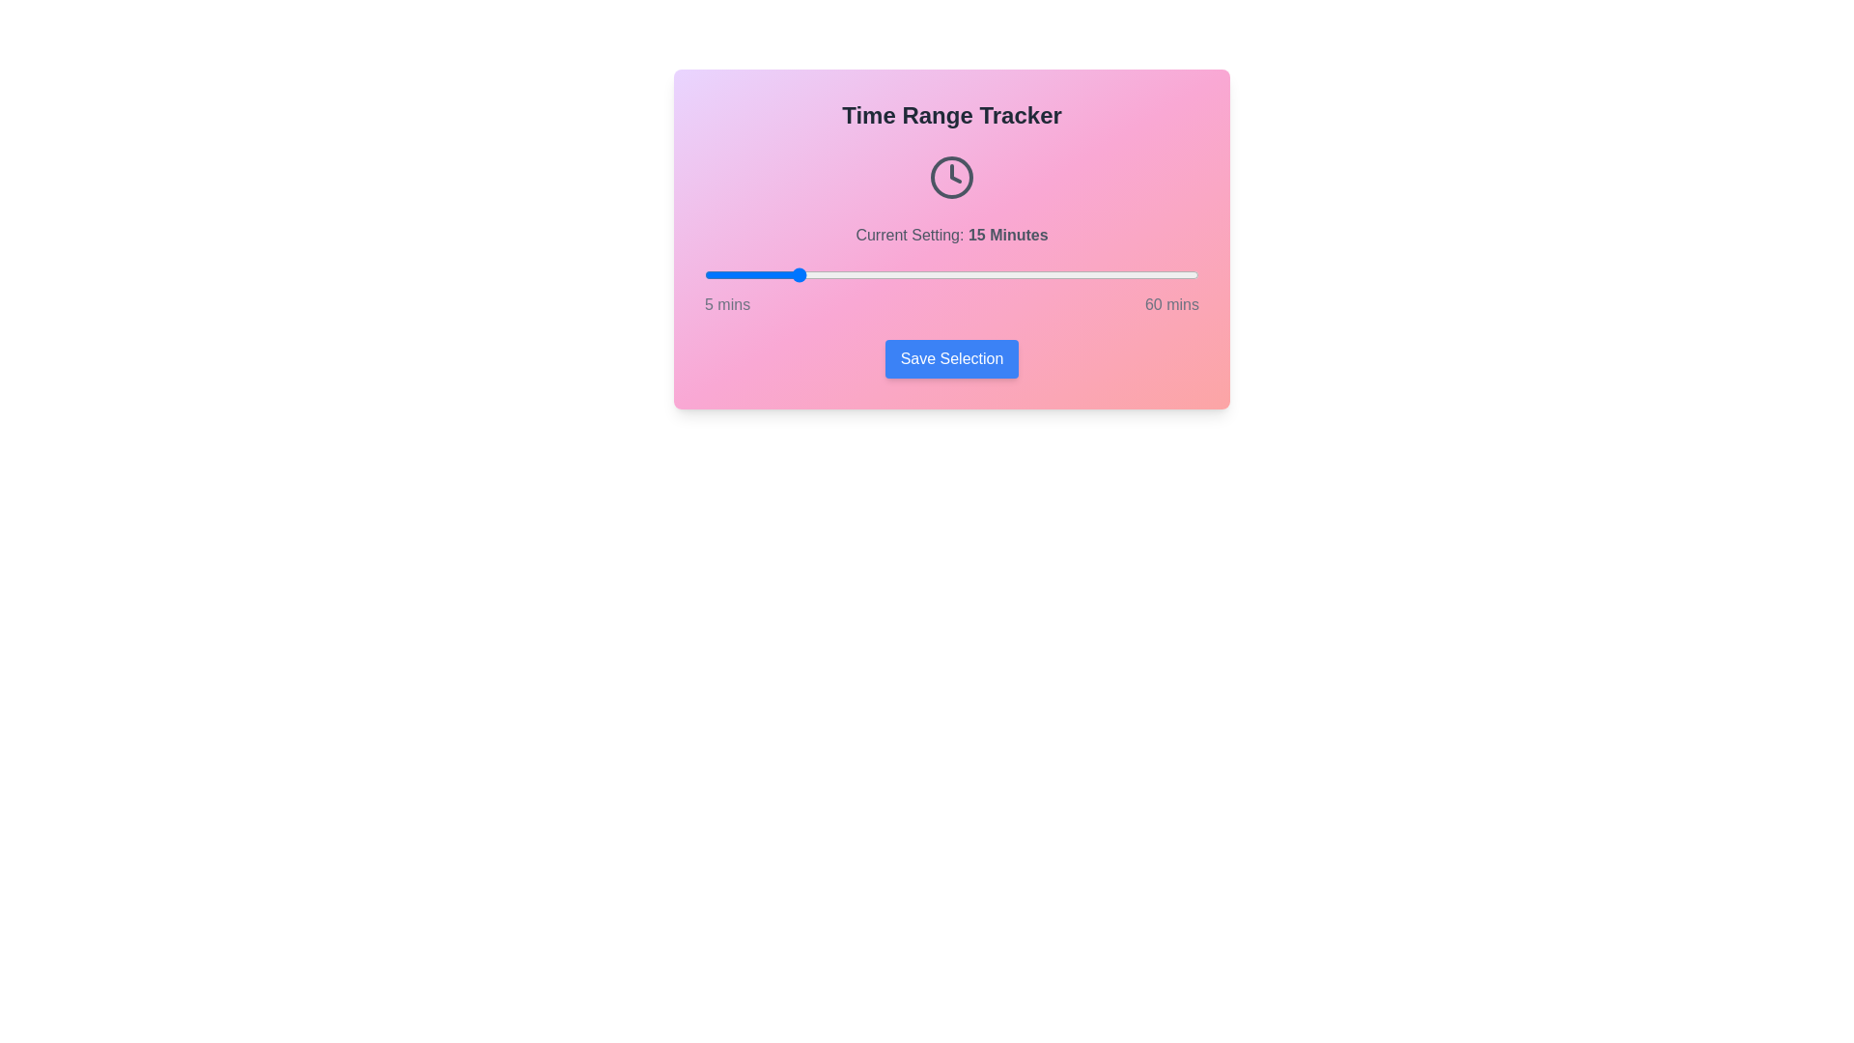 This screenshot has width=1854, height=1043. What do you see at coordinates (1189, 275) in the screenshot?
I see `the time range slider to 59 minutes` at bounding box center [1189, 275].